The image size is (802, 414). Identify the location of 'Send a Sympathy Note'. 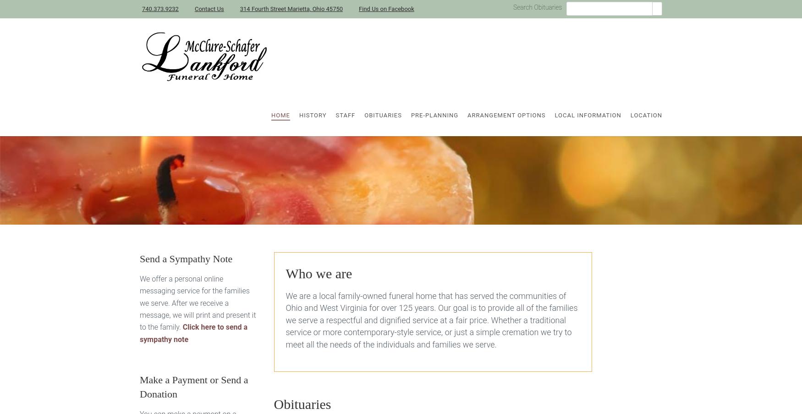
(186, 258).